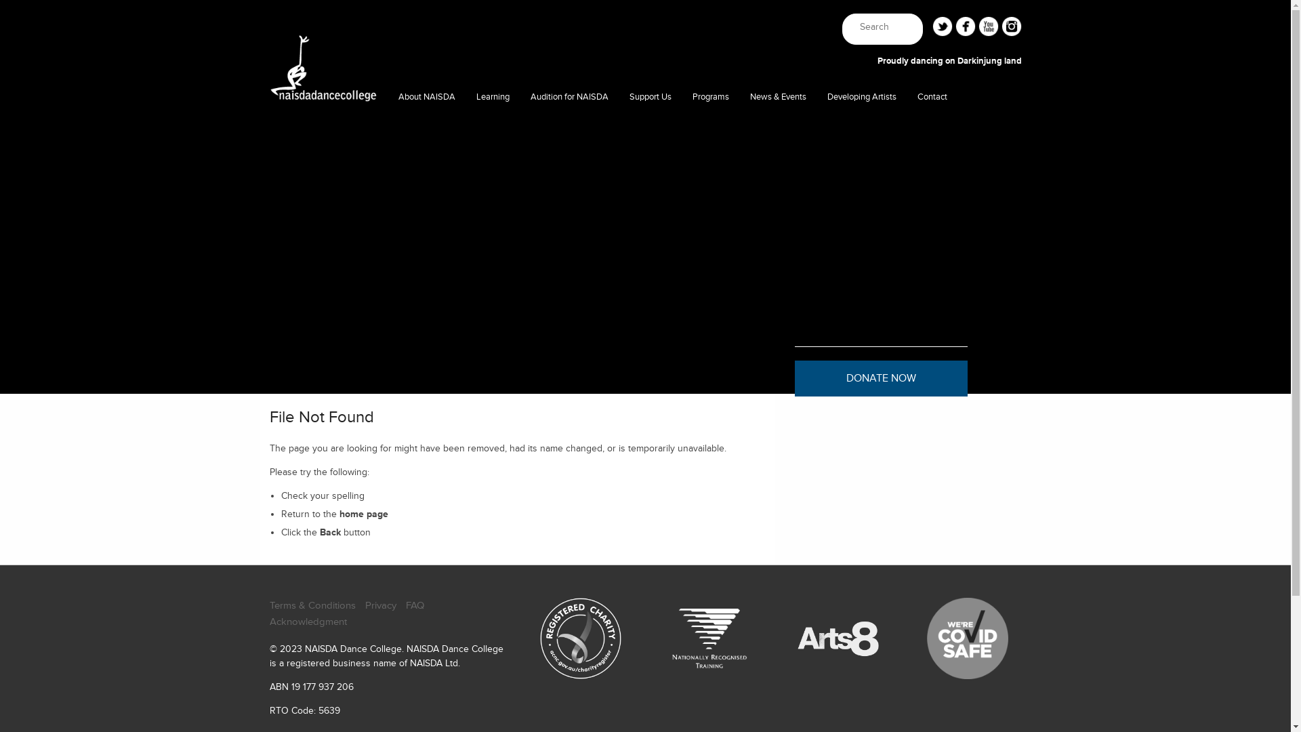 The height and width of the screenshot is (732, 1301). Describe the element at coordinates (861, 96) in the screenshot. I see `'Developing Artists'` at that location.